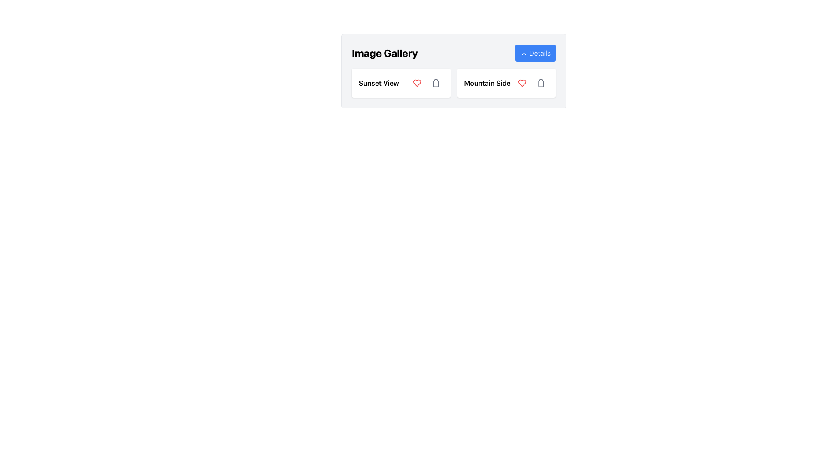  Describe the element at coordinates (541, 83) in the screenshot. I see `the trash can icon located at the right end of the 'Mountain Side' card in the 'Image Gallery' interface` at that location.